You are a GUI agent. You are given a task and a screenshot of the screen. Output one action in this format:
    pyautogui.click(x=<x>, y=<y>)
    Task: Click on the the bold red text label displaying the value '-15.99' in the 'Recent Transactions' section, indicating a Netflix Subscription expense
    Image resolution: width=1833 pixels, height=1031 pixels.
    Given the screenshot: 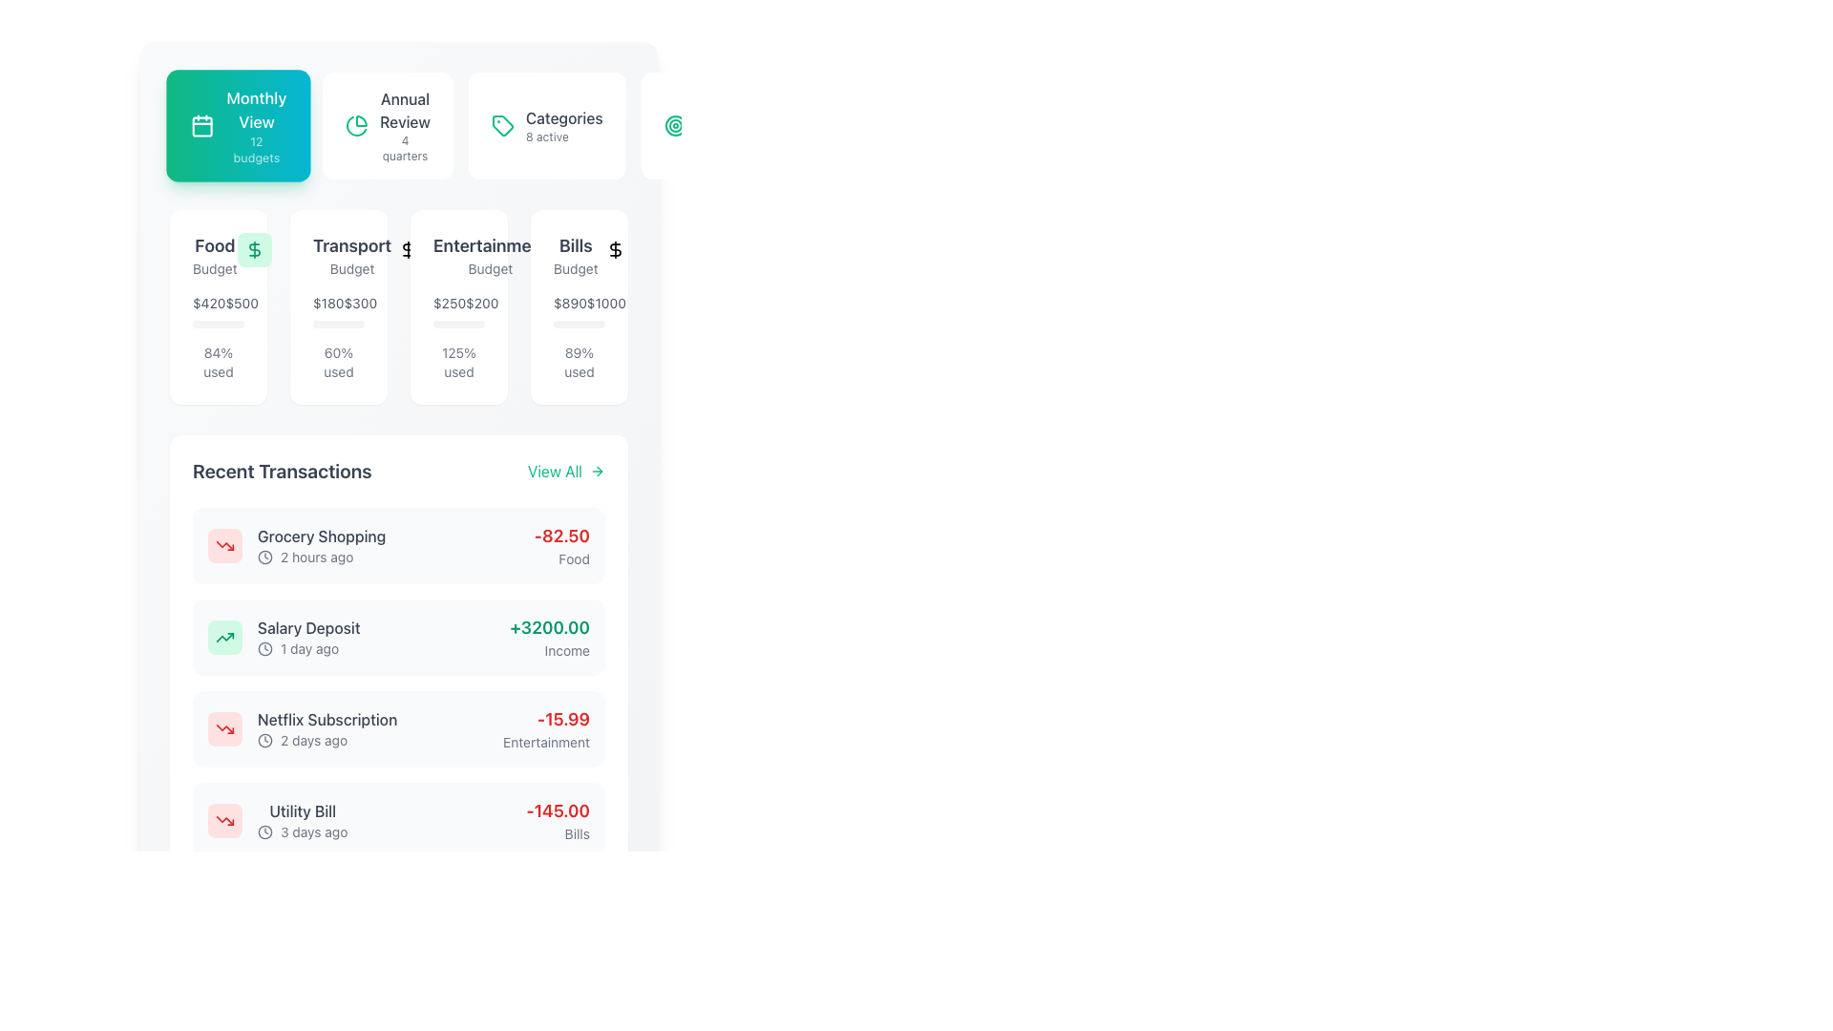 What is the action you would take?
    pyautogui.click(x=545, y=719)
    